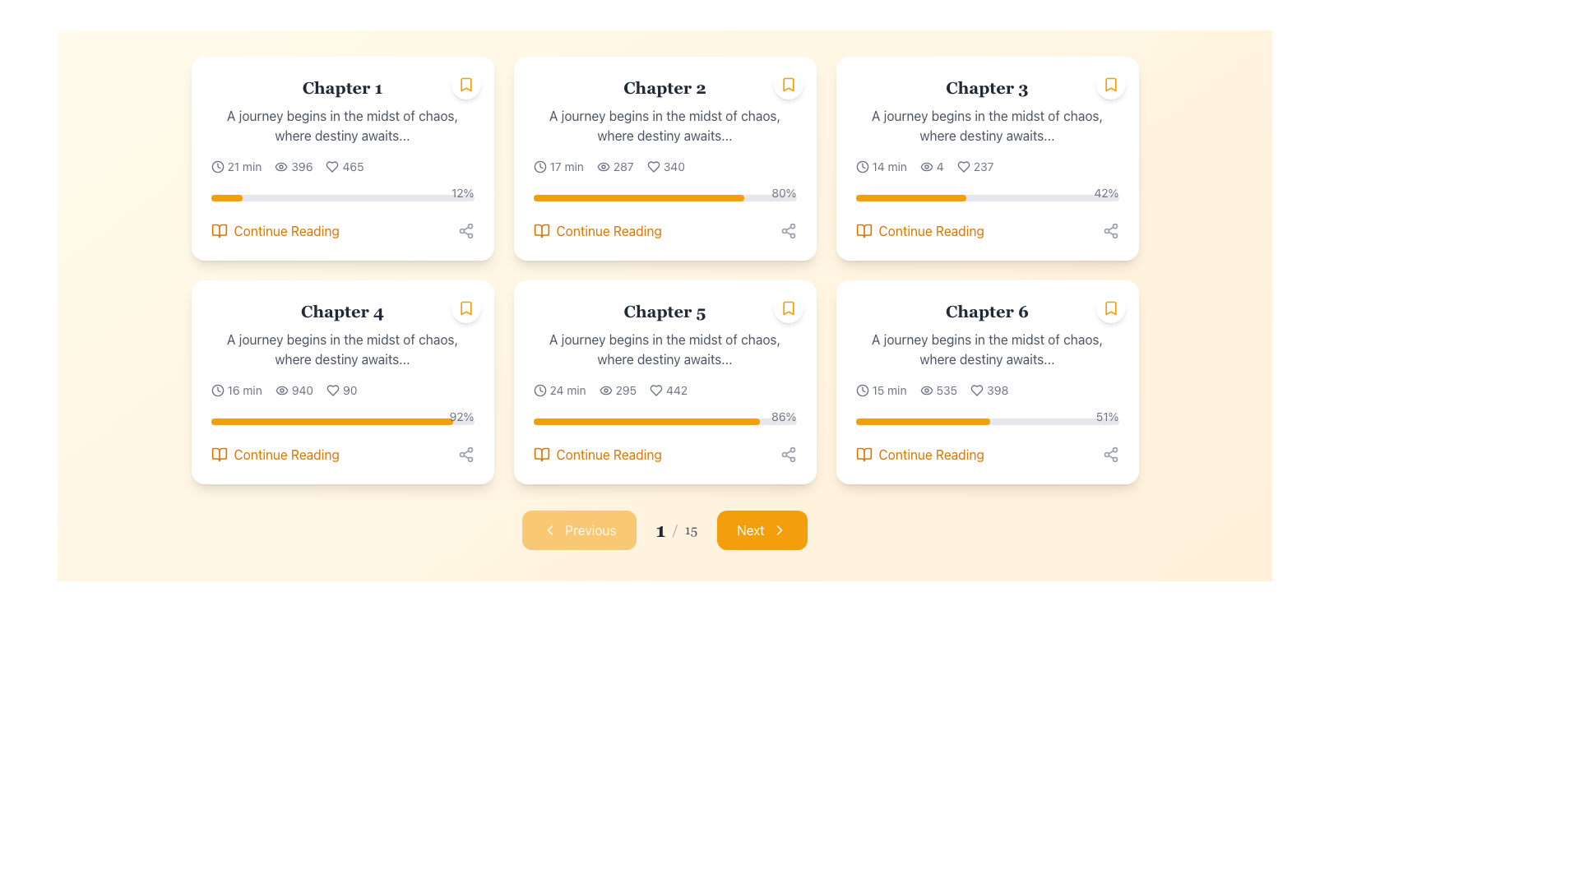 The width and height of the screenshot is (1579, 888). What do you see at coordinates (664, 111) in the screenshot?
I see `the Text with heading and subtitle that previews Chapter 2, located in the top row and middle column of a three-by-two grid layout` at bounding box center [664, 111].